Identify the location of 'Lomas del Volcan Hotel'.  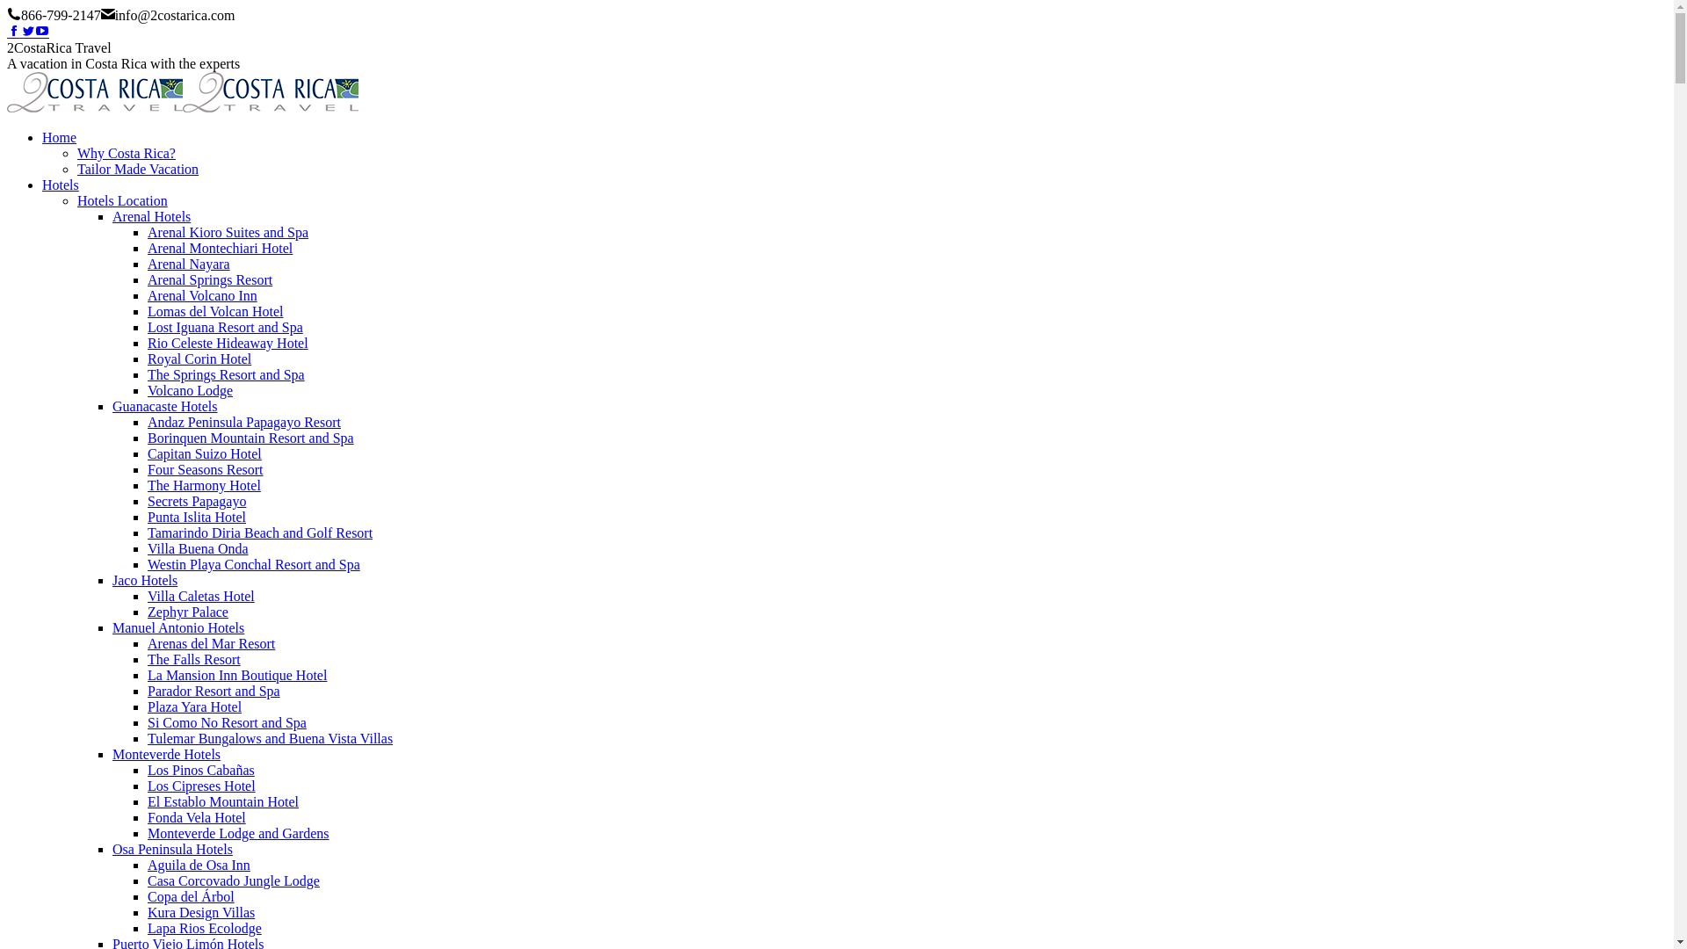
(214, 310).